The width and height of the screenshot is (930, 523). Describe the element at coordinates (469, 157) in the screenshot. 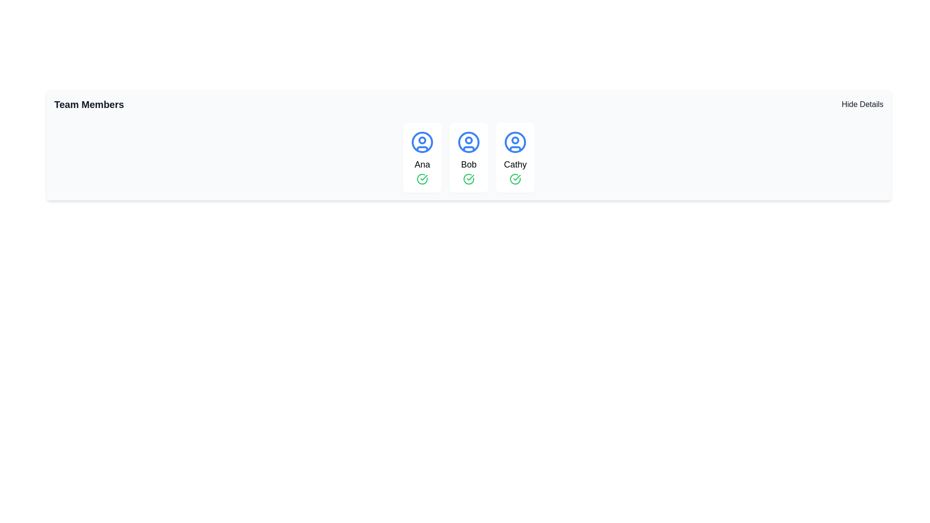

I see `the card UI component displaying a blue circular avatar icon with the text 'Bob' and a green check mark at the bottom` at that location.